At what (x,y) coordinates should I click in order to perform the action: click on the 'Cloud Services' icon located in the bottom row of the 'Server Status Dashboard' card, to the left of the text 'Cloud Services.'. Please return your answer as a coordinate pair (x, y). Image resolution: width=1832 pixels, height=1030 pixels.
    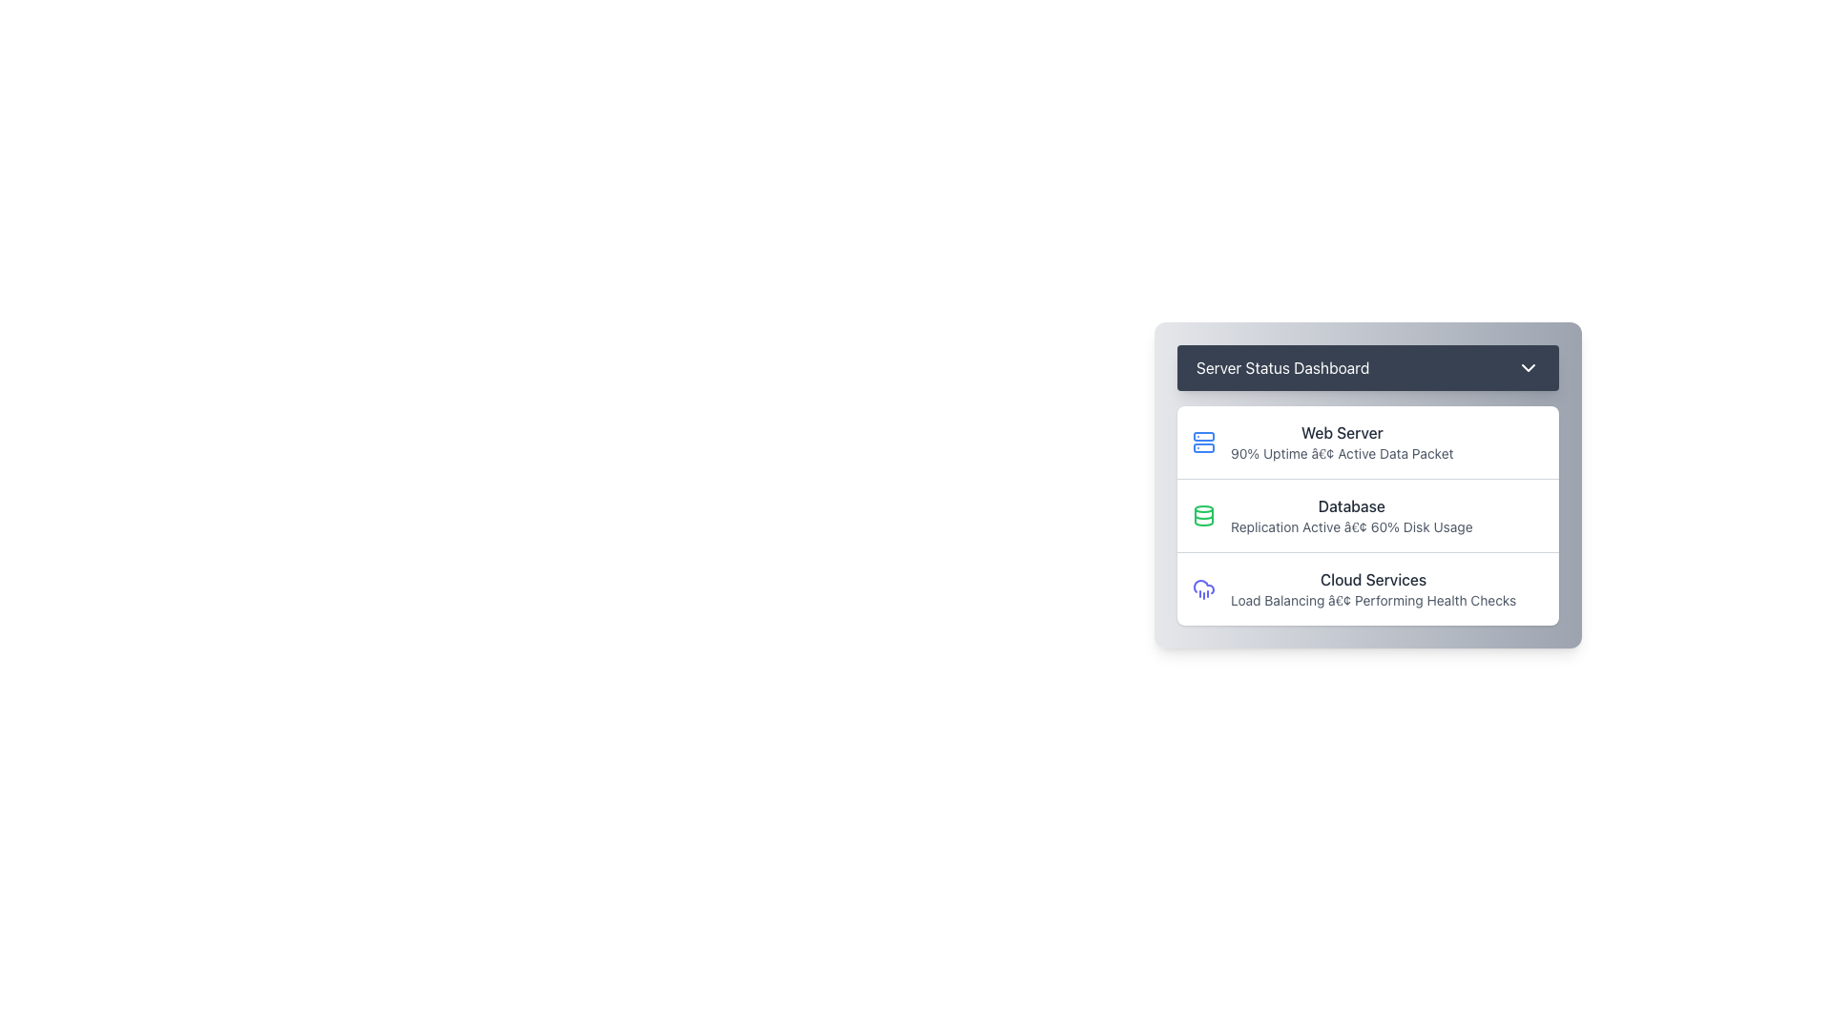
    Looking at the image, I should click on (1203, 587).